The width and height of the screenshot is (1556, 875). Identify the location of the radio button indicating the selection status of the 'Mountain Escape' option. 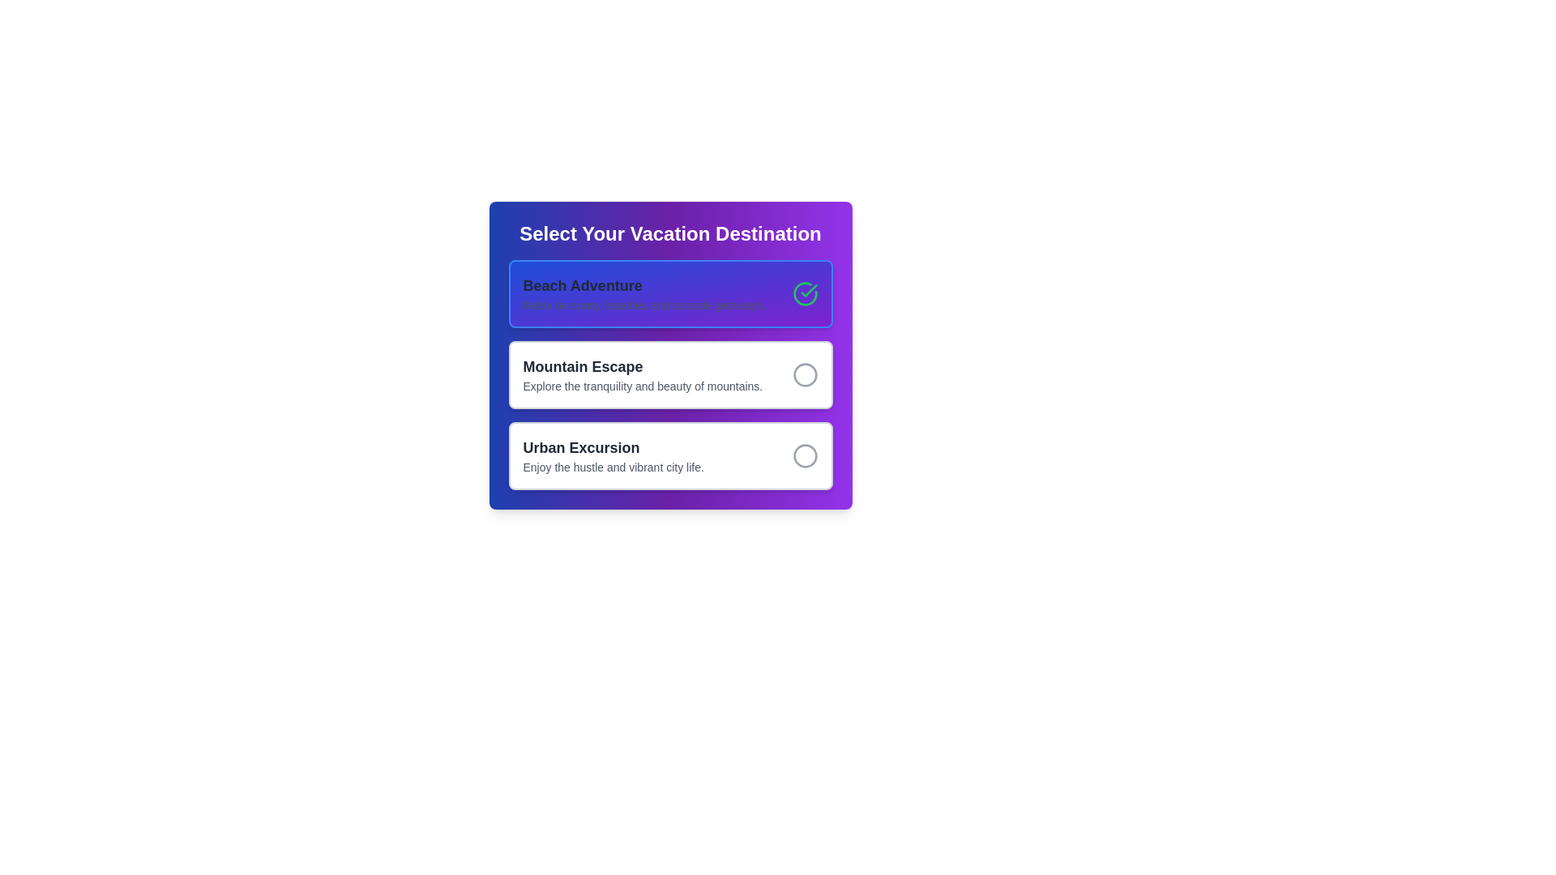
(805, 374).